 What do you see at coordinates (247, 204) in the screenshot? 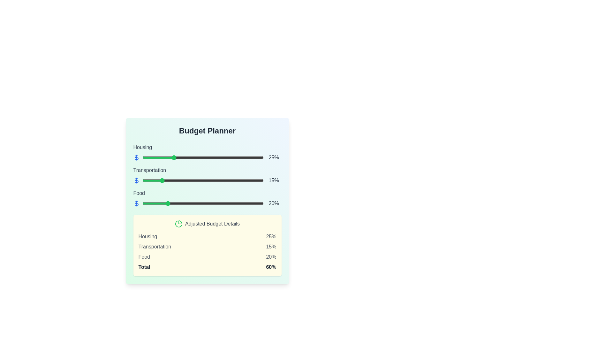
I see `the slider value` at bounding box center [247, 204].